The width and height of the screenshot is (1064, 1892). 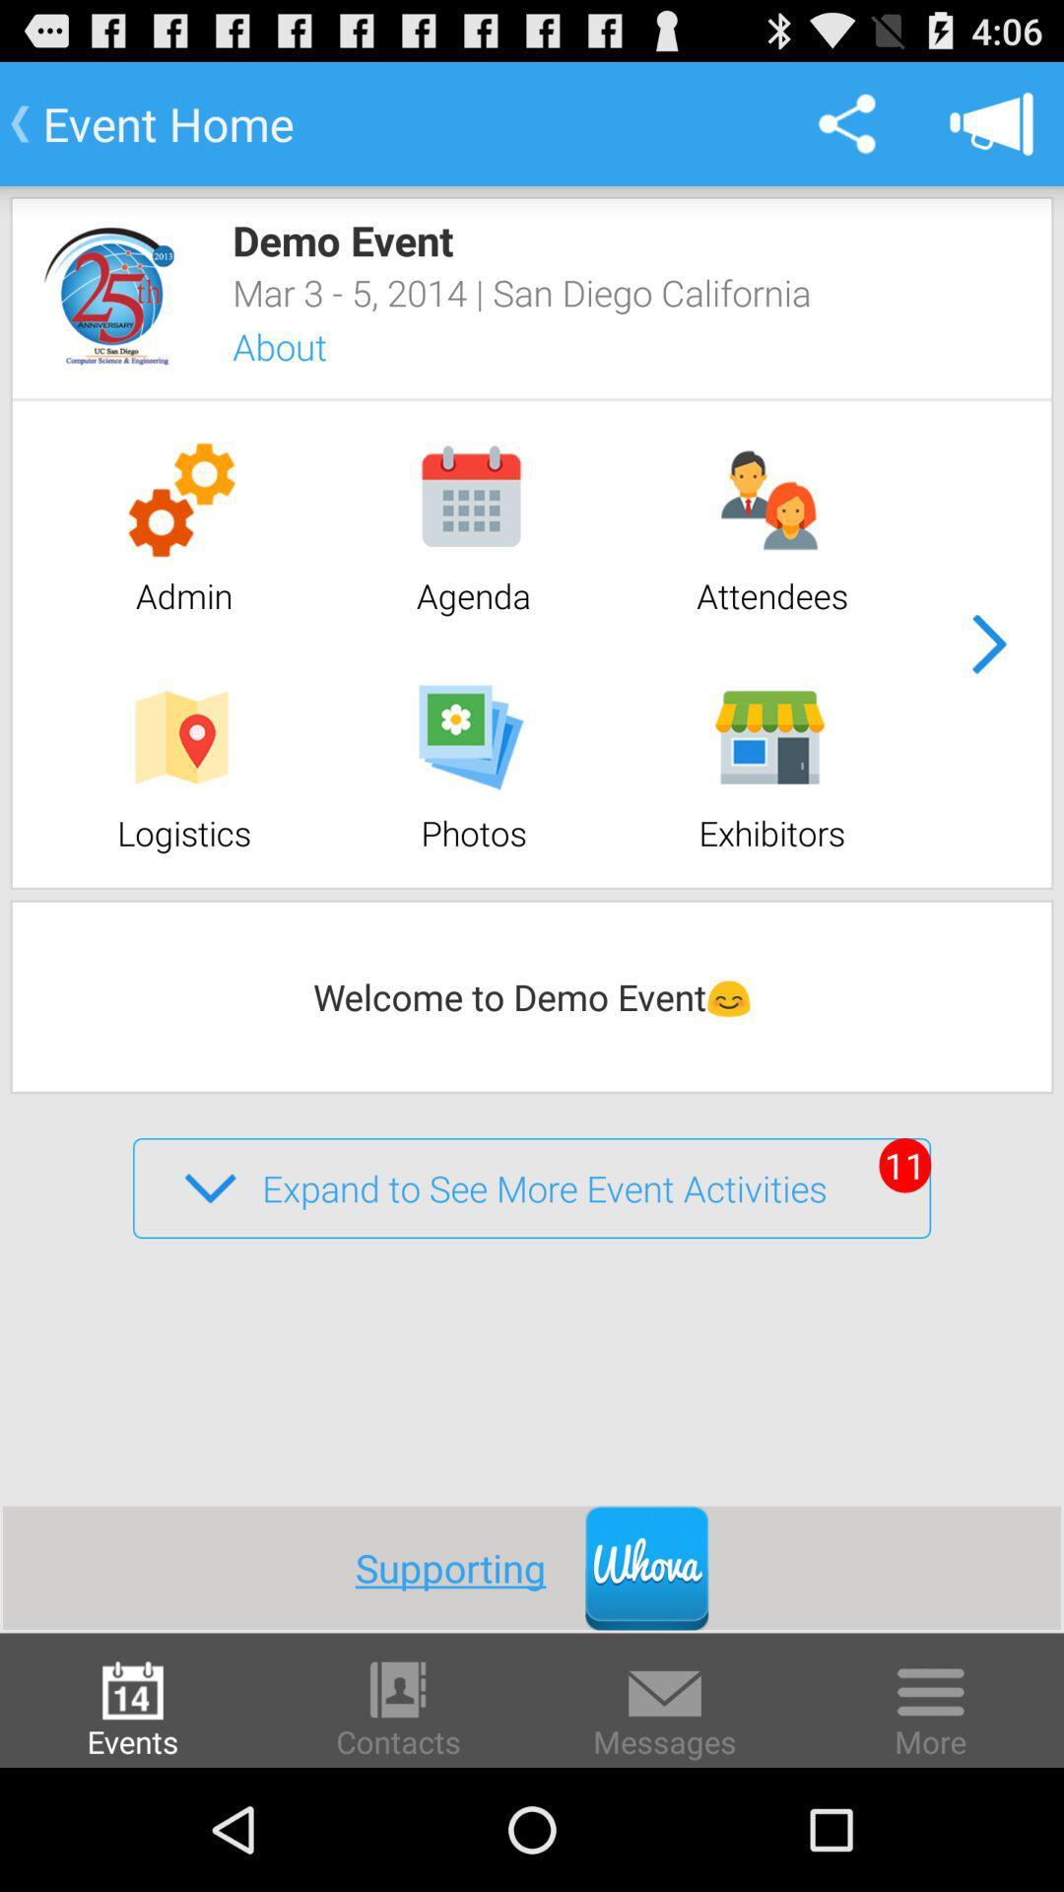 I want to click on item above demo event item, so click(x=991, y=122).